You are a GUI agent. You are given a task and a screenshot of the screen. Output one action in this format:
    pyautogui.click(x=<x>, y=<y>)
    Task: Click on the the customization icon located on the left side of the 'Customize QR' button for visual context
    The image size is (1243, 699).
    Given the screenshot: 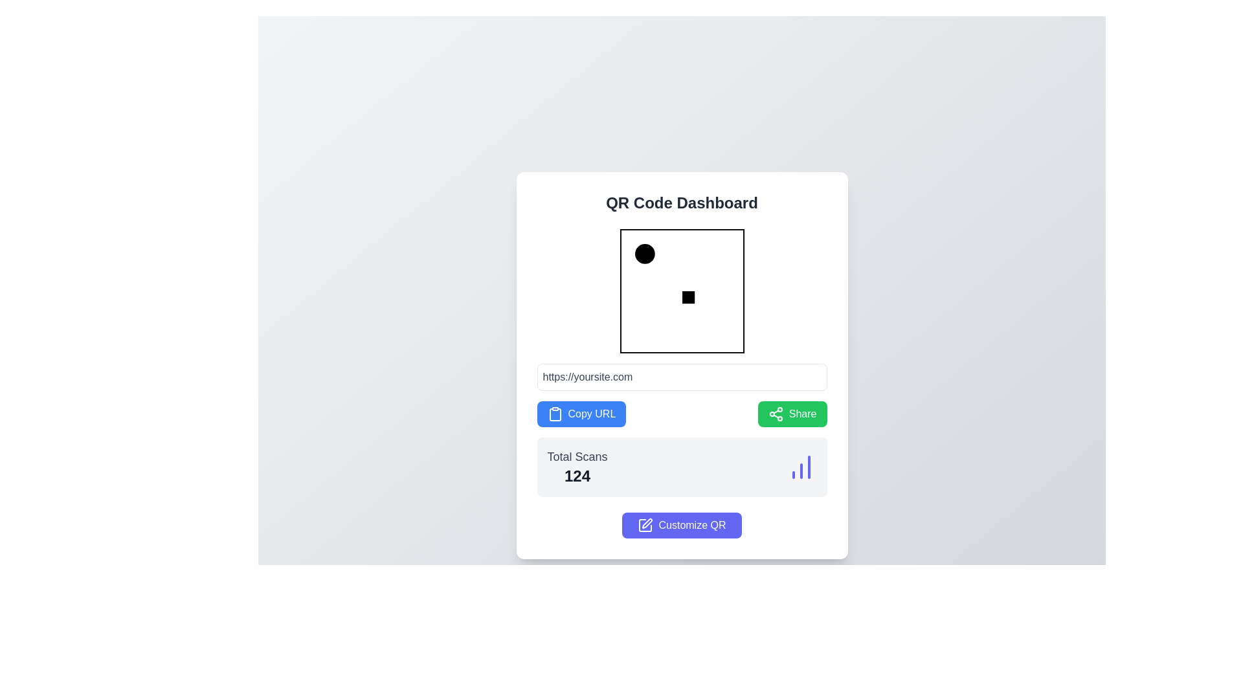 What is the action you would take?
    pyautogui.click(x=645, y=526)
    